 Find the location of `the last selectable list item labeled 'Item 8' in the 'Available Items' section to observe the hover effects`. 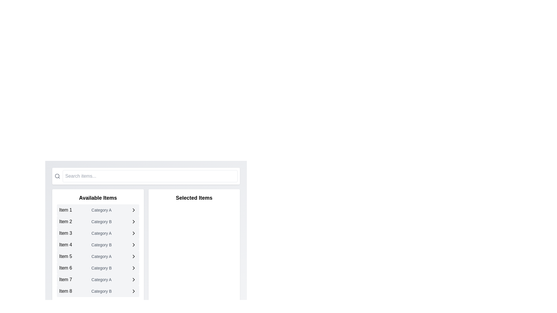

the last selectable list item labeled 'Item 8' in the 'Available Items' section to observe the hover effects is located at coordinates (98, 291).